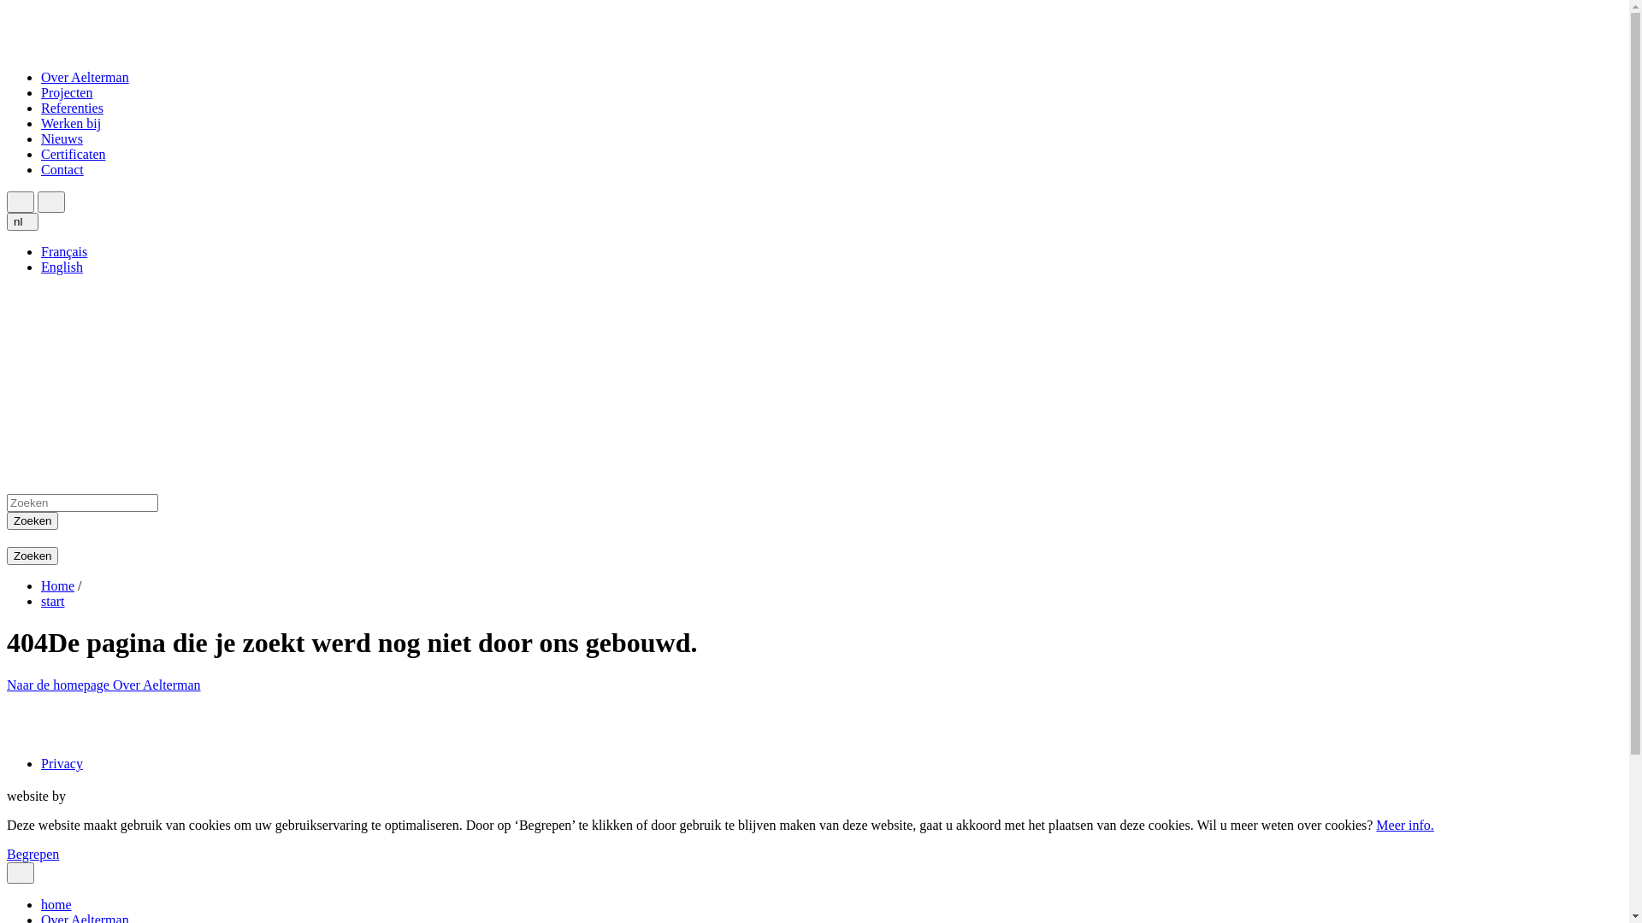 This screenshot has width=1642, height=923. Describe the element at coordinates (7, 684) in the screenshot. I see `'Naar de homepage'` at that location.